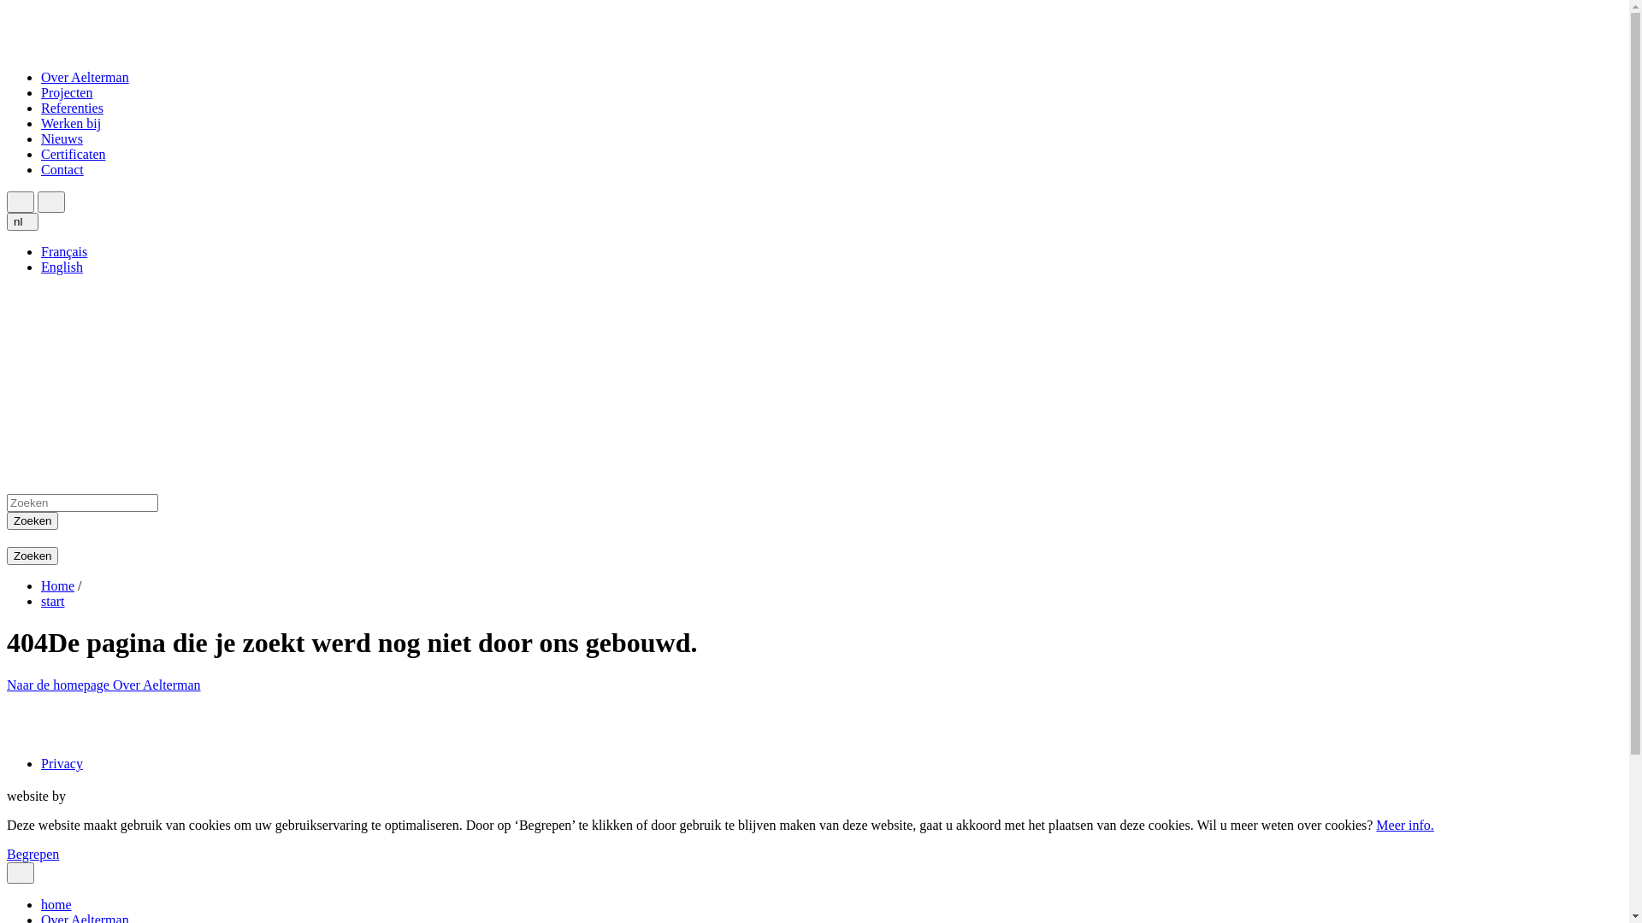 This screenshot has width=1642, height=923. Describe the element at coordinates (7, 684) in the screenshot. I see `'Naar de homepage'` at that location.